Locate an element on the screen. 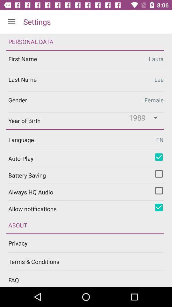 This screenshot has width=172, height=307. the item to the right of always hq audio is located at coordinates (159, 191).